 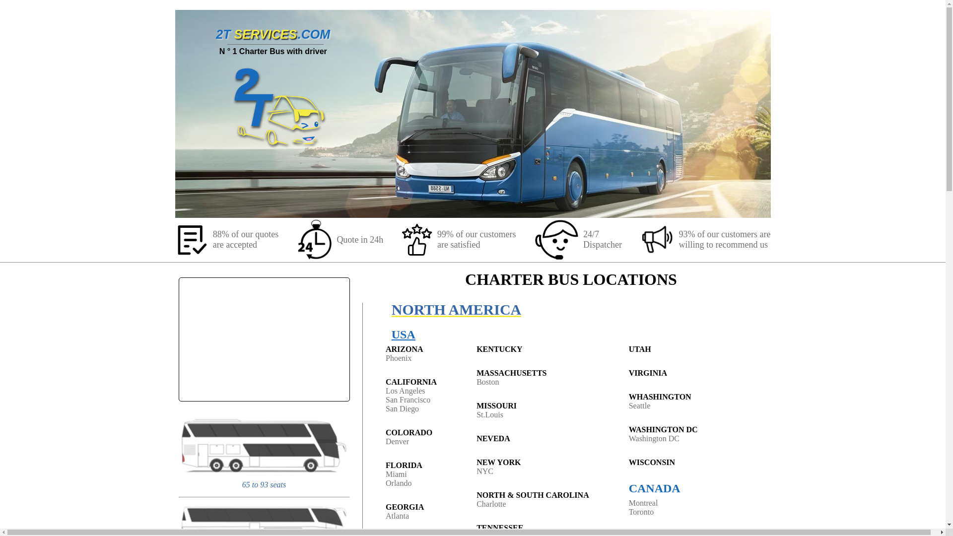 What do you see at coordinates (456, 335) in the screenshot?
I see `'USA'` at bounding box center [456, 335].